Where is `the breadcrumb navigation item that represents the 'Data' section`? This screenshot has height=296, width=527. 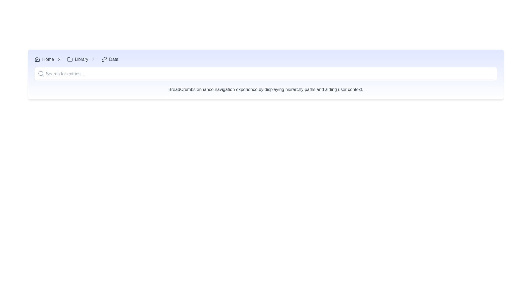
the breadcrumb navigation item that represents the 'Data' section is located at coordinates (110, 59).